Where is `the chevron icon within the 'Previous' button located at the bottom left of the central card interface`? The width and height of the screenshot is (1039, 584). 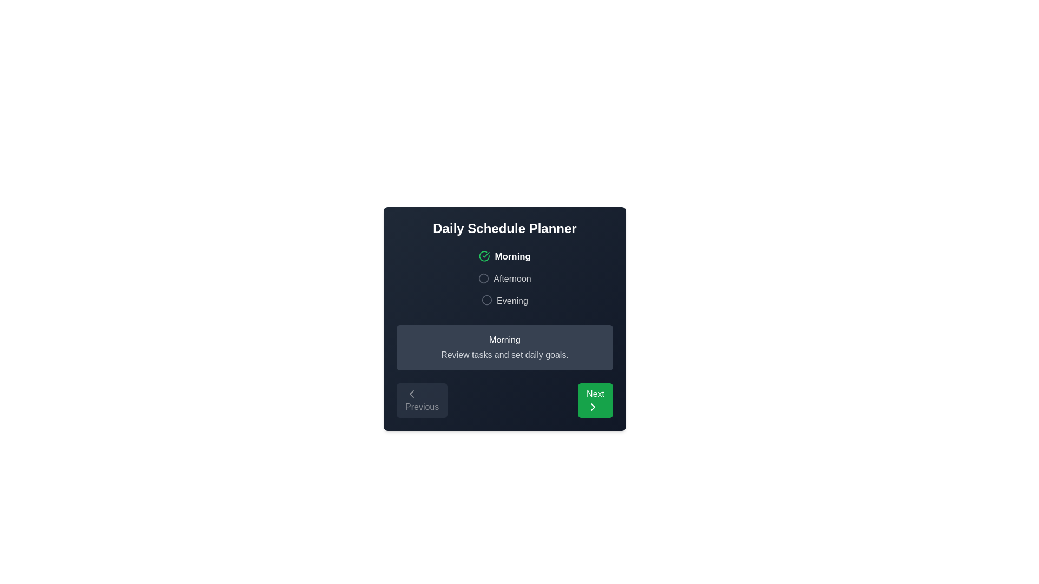 the chevron icon within the 'Previous' button located at the bottom left of the central card interface is located at coordinates (411, 394).